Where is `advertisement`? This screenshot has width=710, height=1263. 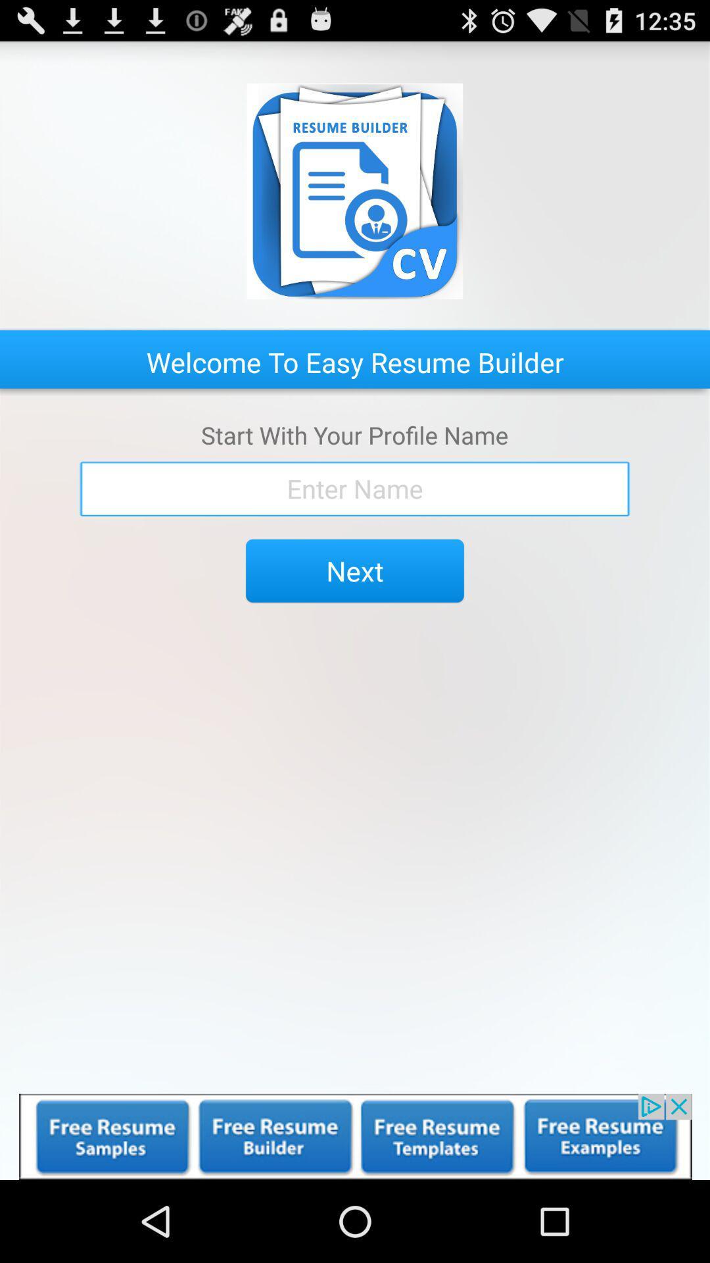
advertisement is located at coordinates (355, 1136).